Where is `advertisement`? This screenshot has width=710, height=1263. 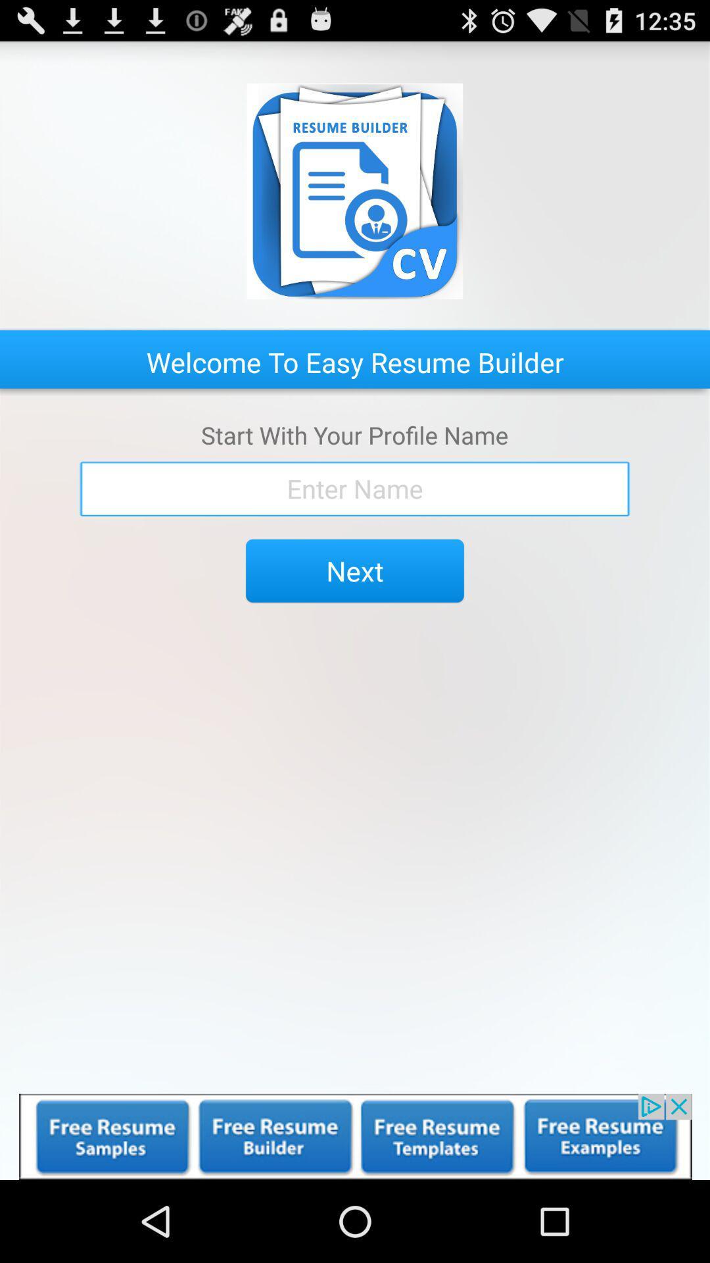
advertisement is located at coordinates (355, 1136).